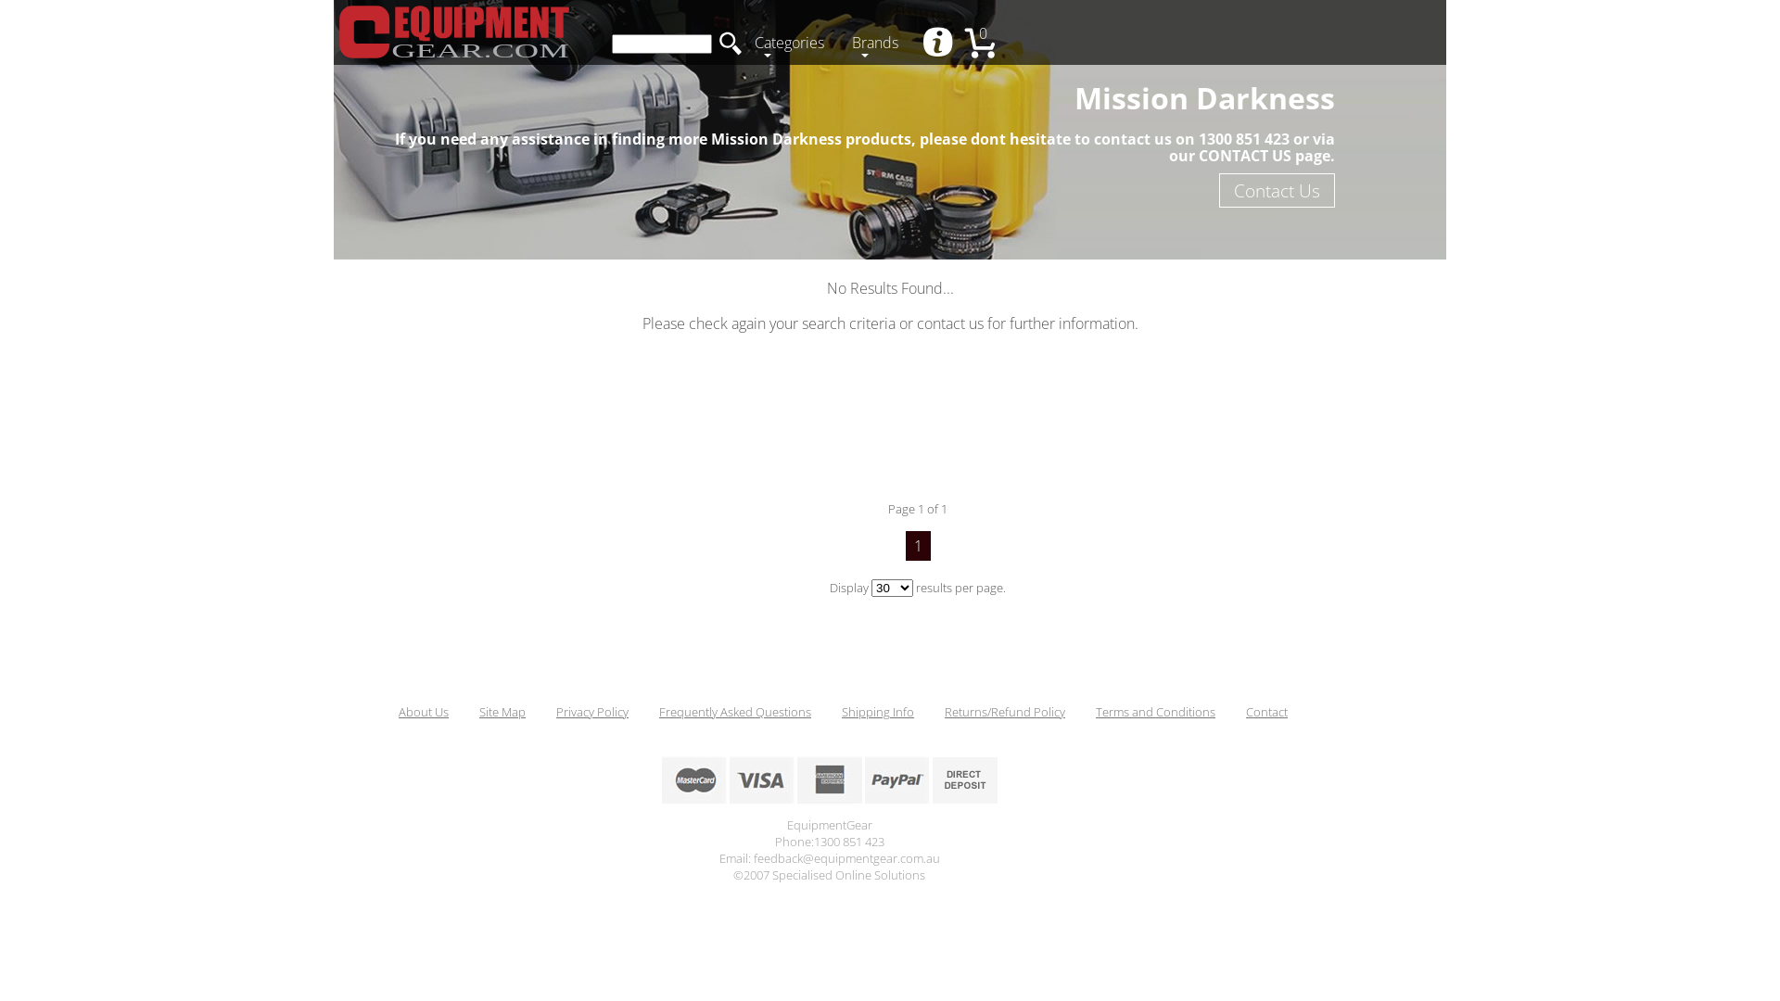 The width and height of the screenshot is (1780, 1001). What do you see at coordinates (939, 43) in the screenshot?
I see `' '` at bounding box center [939, 43].